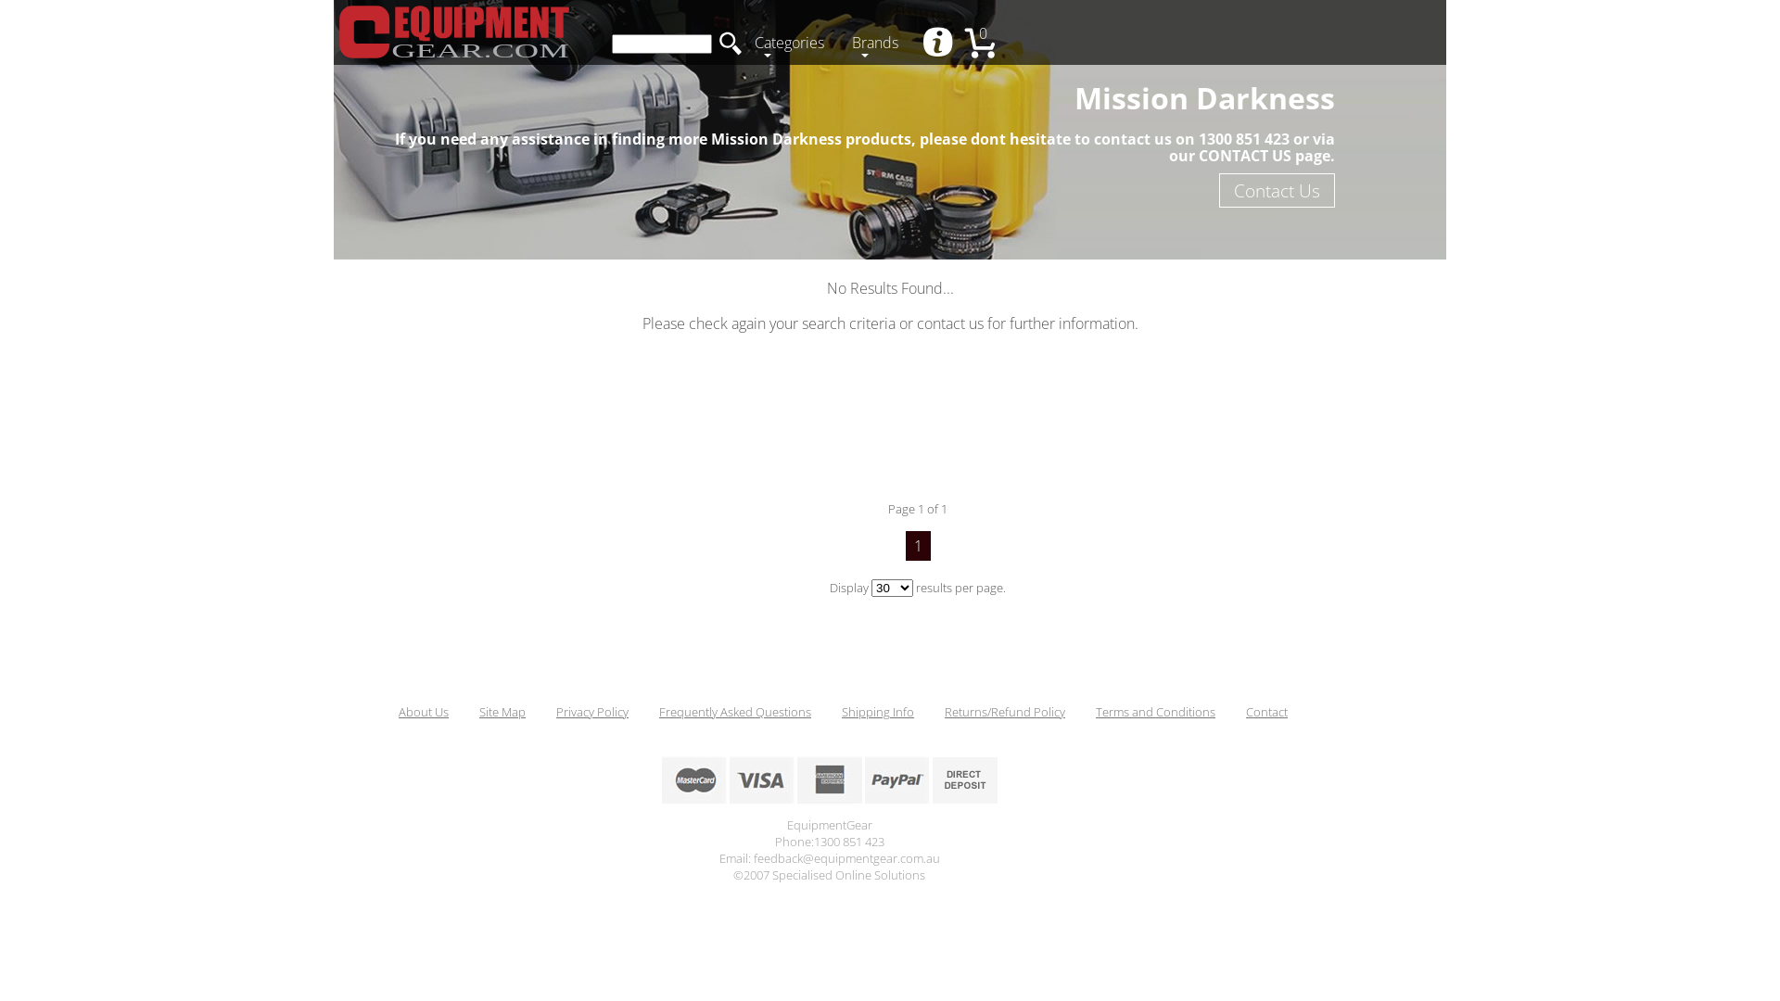 The width and height of the screenshot is (1780, 1001). What do you see at coordinates (939, 43) in the screenshot?
I see `' '` at bounding box center [939, 43].